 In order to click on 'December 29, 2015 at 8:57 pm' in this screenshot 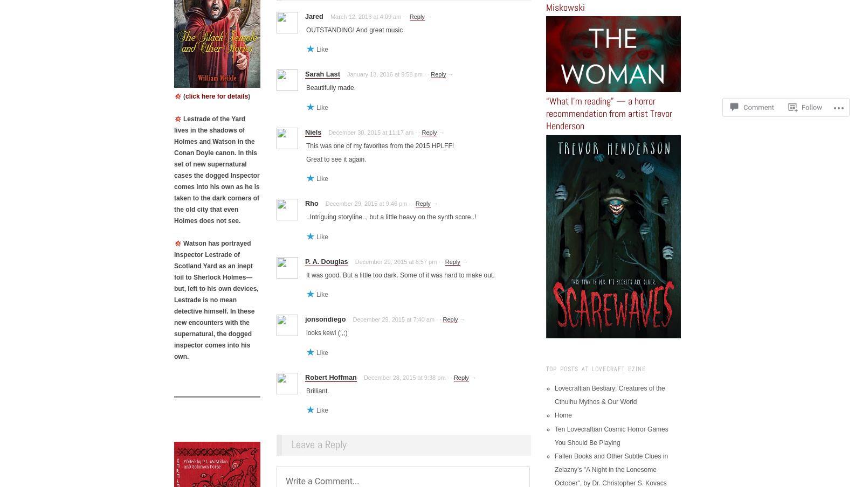, I will do `click(395, 260)`.